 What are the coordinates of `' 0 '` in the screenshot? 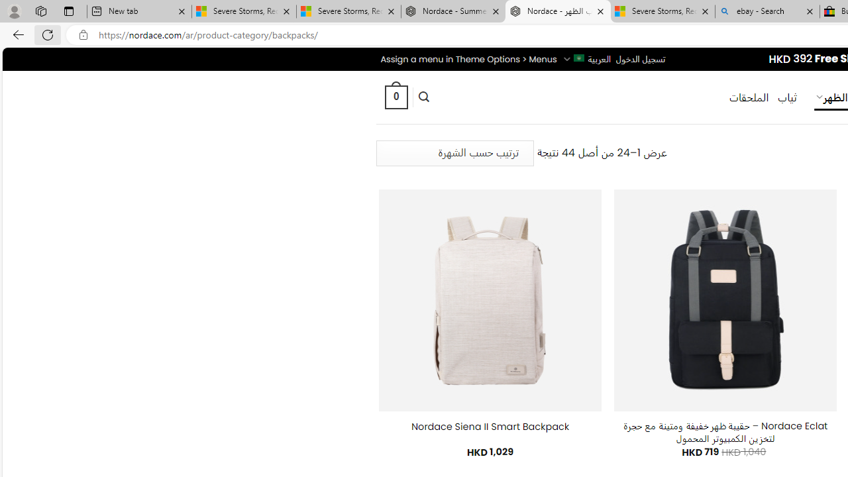 It's located at (395, 96).